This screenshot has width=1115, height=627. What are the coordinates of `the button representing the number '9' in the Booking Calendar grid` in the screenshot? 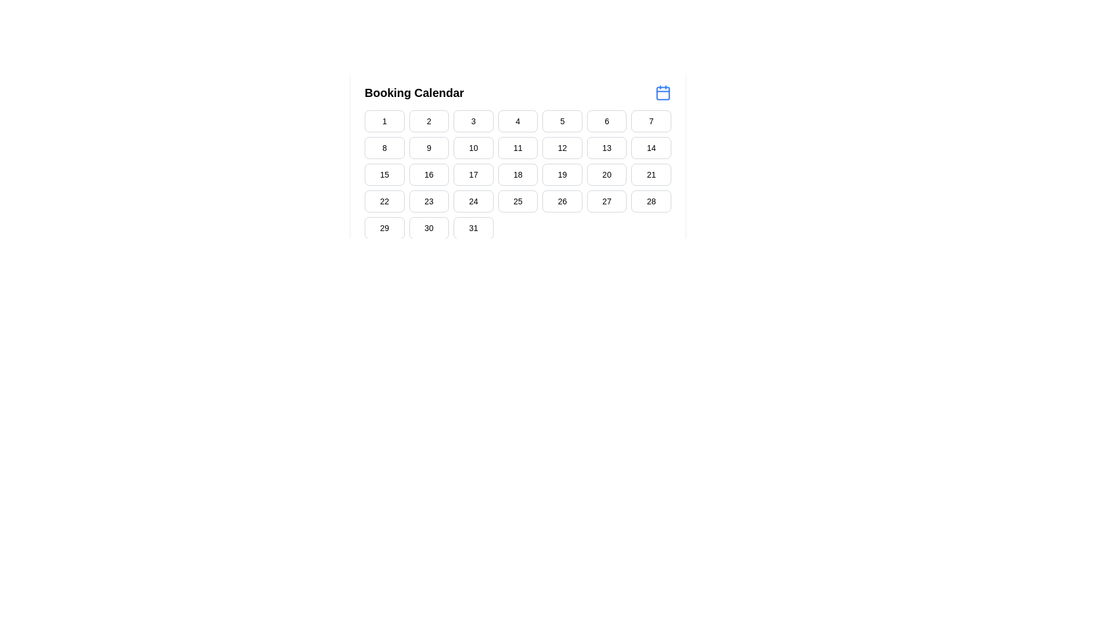 It's located at (428, 147).